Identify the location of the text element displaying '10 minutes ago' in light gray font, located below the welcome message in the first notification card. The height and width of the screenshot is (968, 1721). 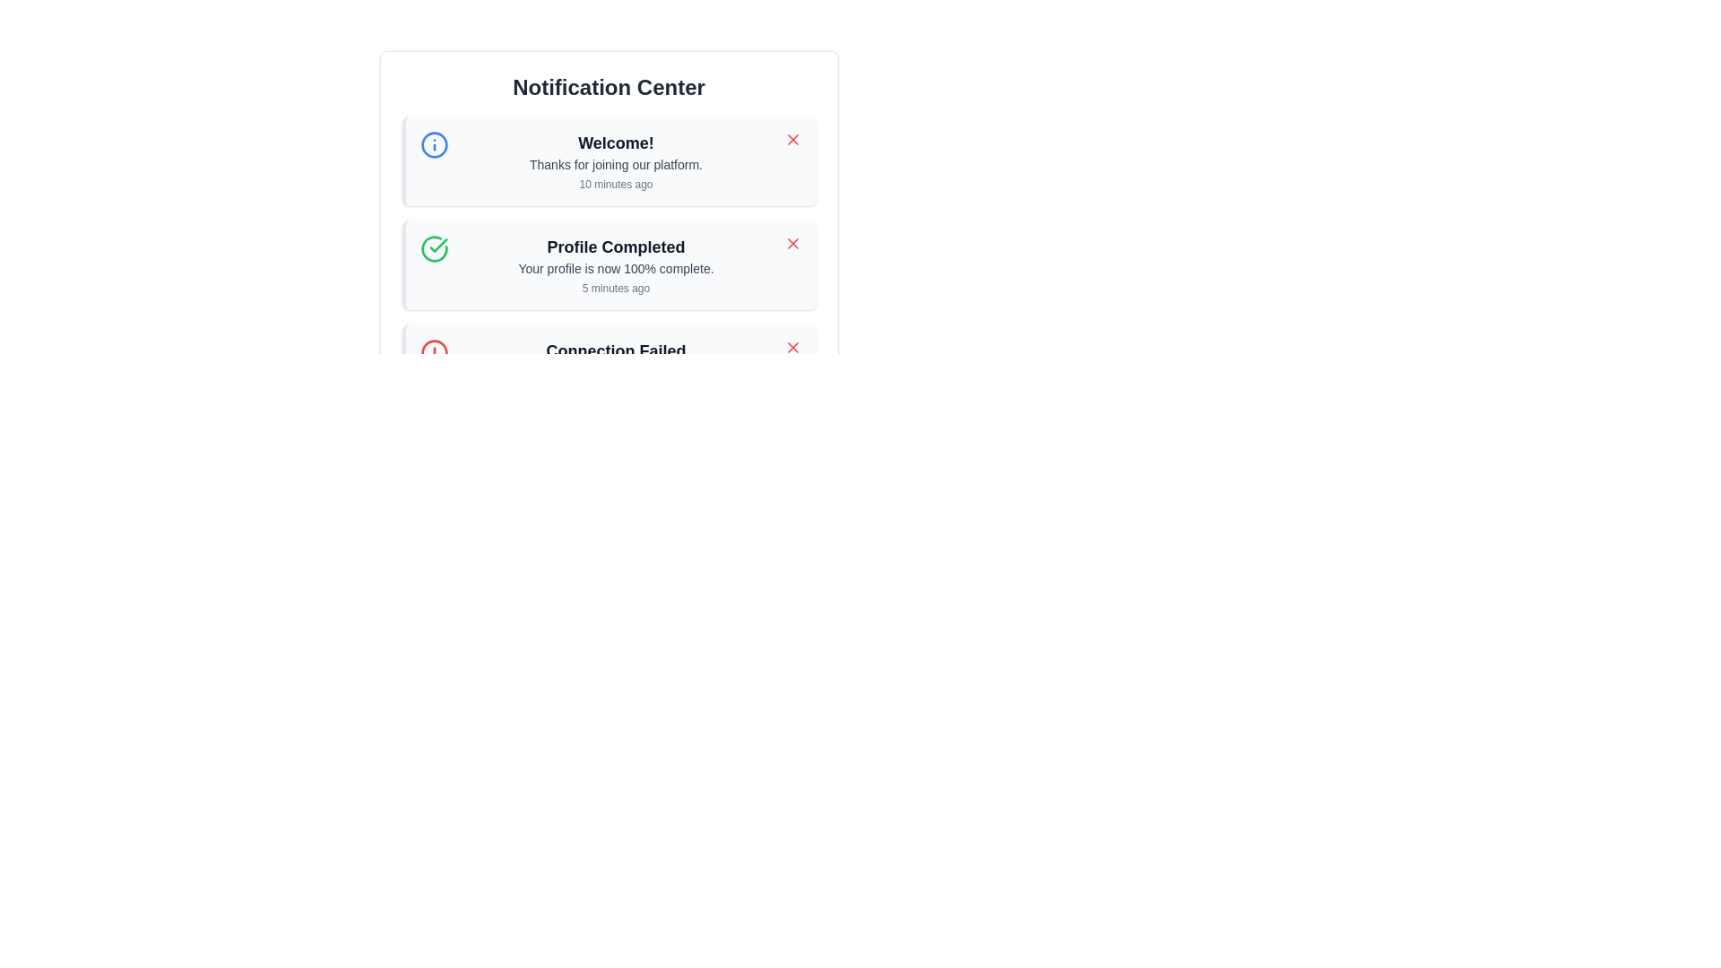
(616, 184).